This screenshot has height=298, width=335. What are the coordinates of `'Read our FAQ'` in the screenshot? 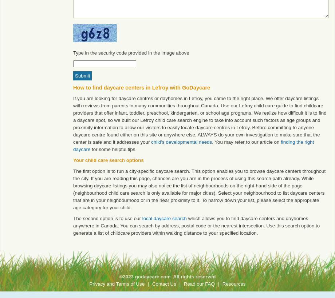 It's located at (183, 284).